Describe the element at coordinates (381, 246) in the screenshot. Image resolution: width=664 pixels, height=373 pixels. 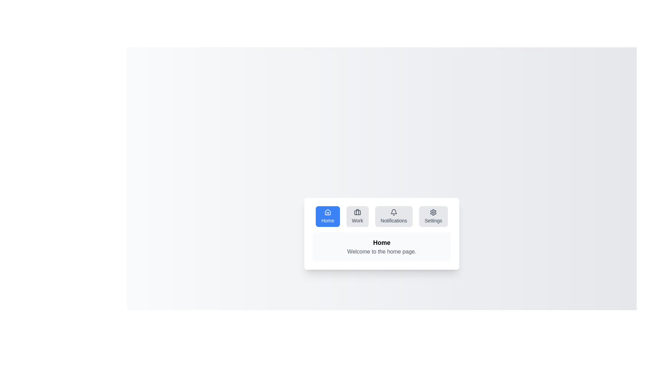
I see `the Text display area located below the navigation buttons labeled 'Home', 'Work', 'Notifications', and 'Settings', which serves as a static text display area for information about the current page` at that location.